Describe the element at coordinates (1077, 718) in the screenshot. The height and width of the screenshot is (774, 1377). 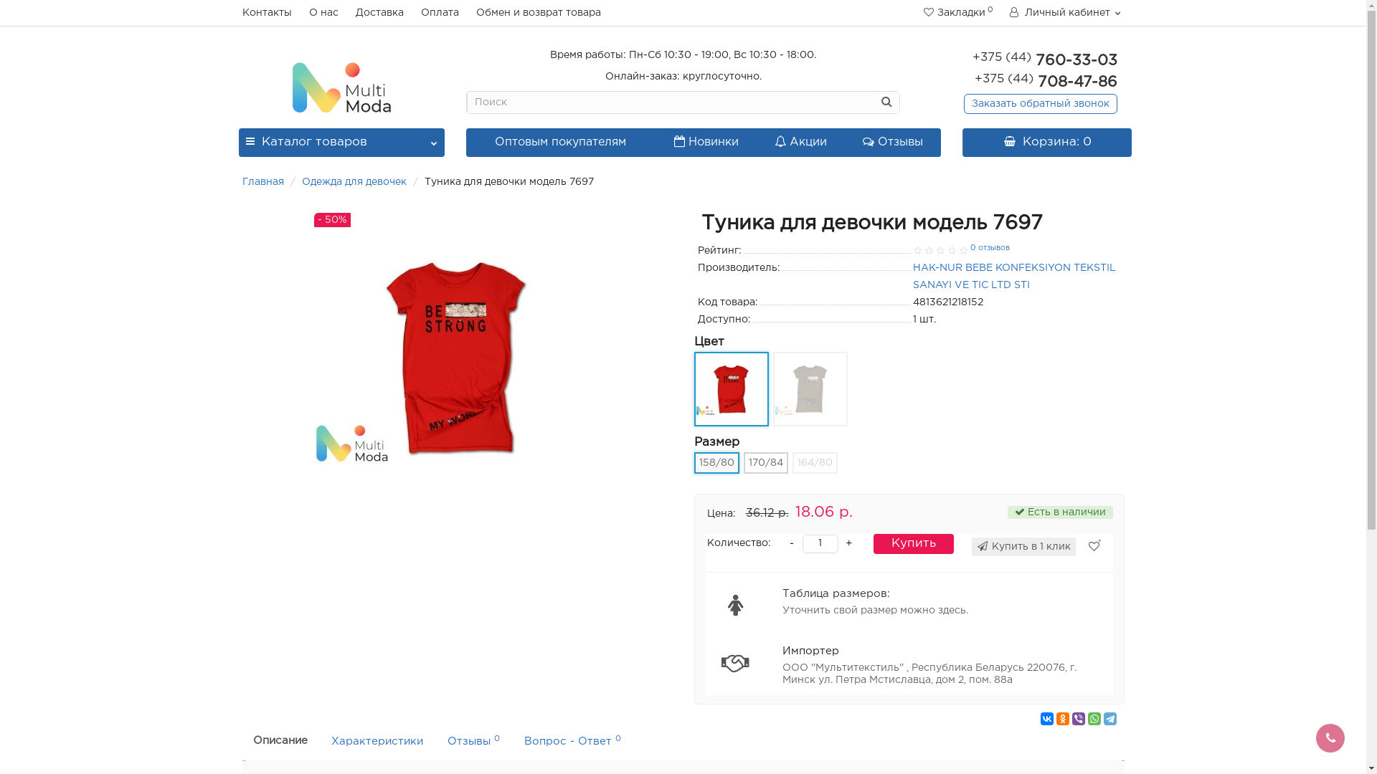
I see `'Viber'` at that location.